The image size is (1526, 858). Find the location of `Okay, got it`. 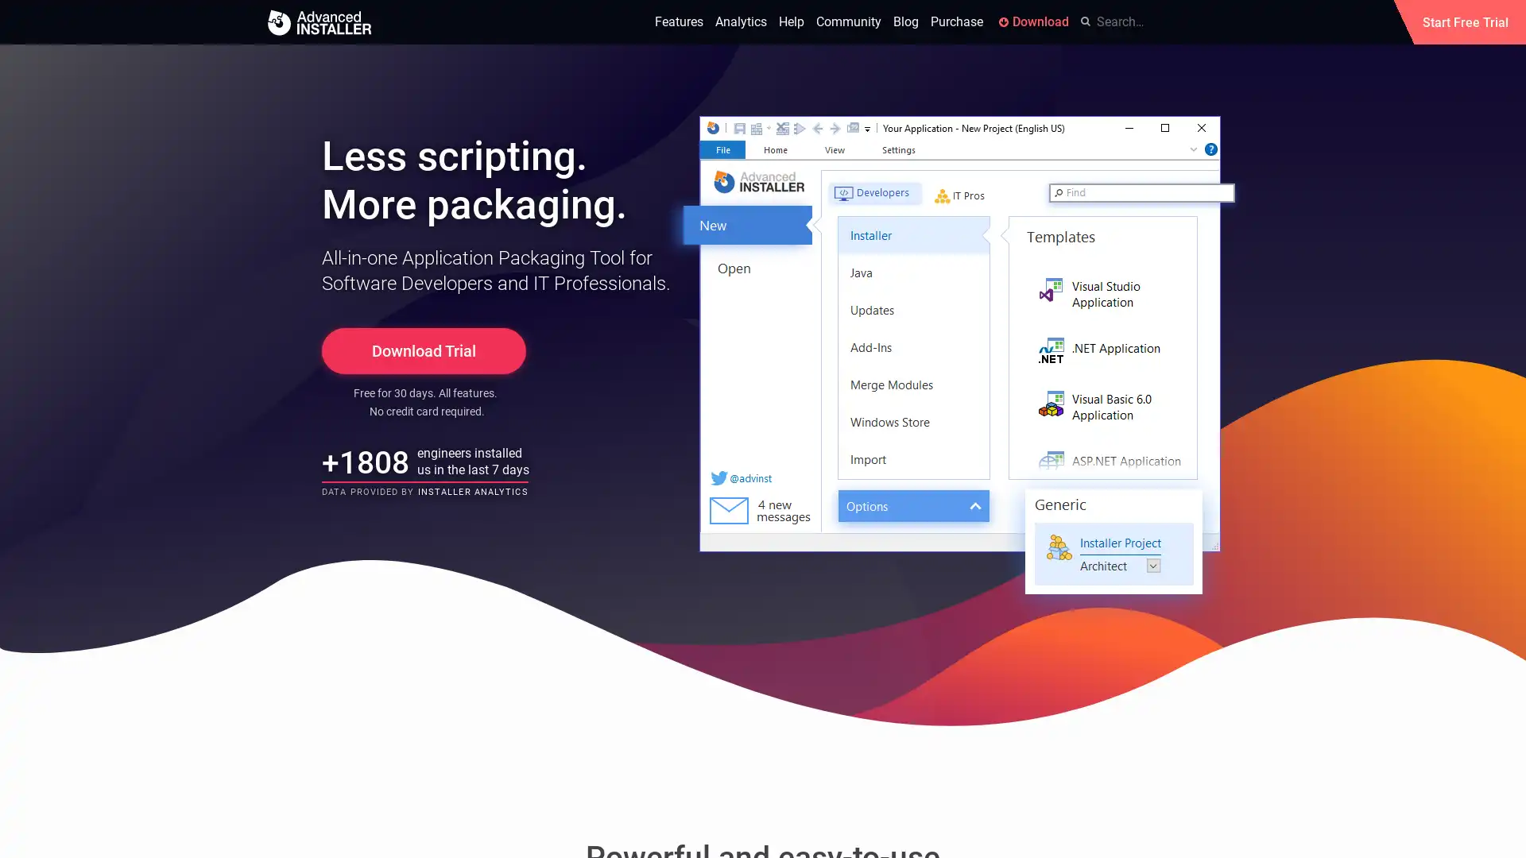

Okay, got it is located at coordinates (1067, 841).